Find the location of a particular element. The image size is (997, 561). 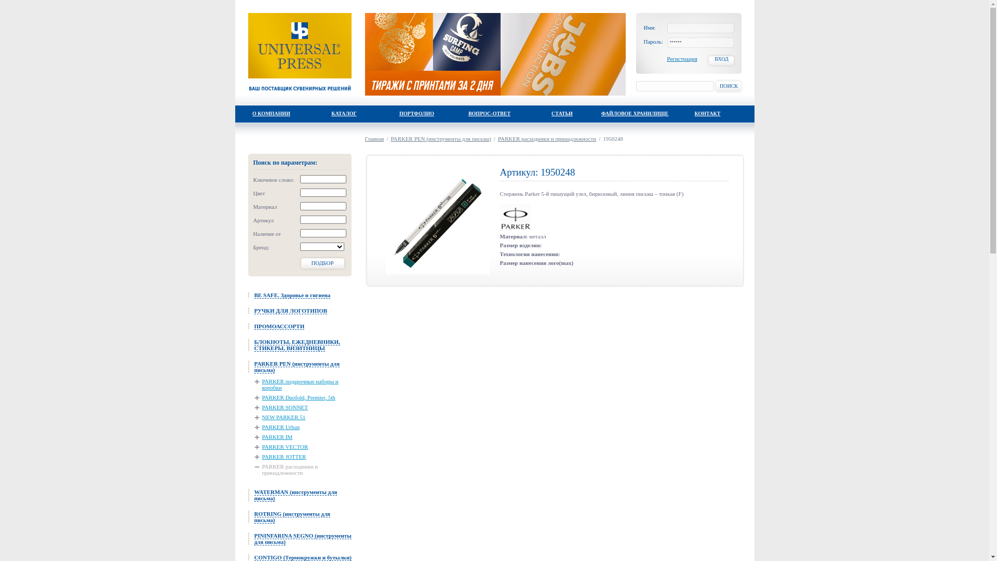

'PARKER Duofold, Premier, 5th' is located at coordinates (294, 397).